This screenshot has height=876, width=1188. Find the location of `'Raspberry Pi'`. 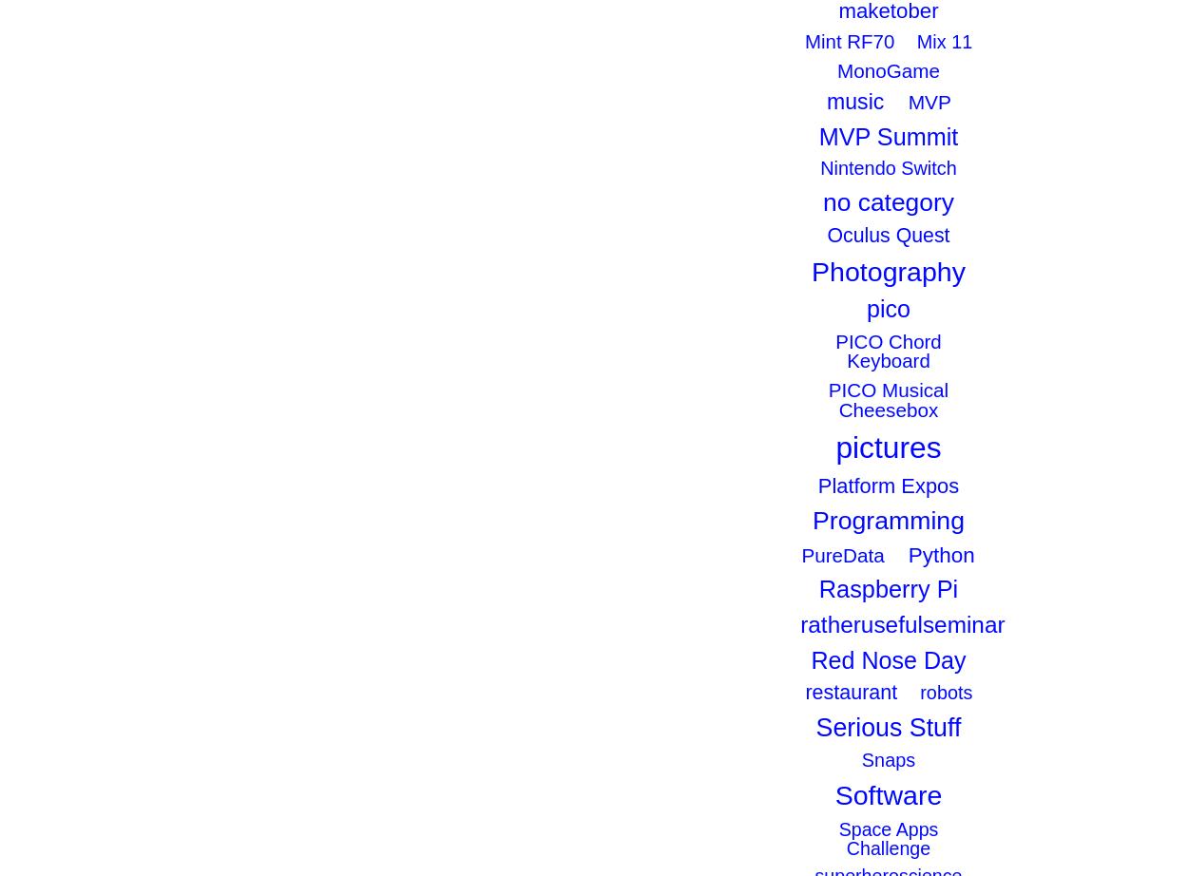

'Raspberry Pi' is located at coordinates (817, 589).